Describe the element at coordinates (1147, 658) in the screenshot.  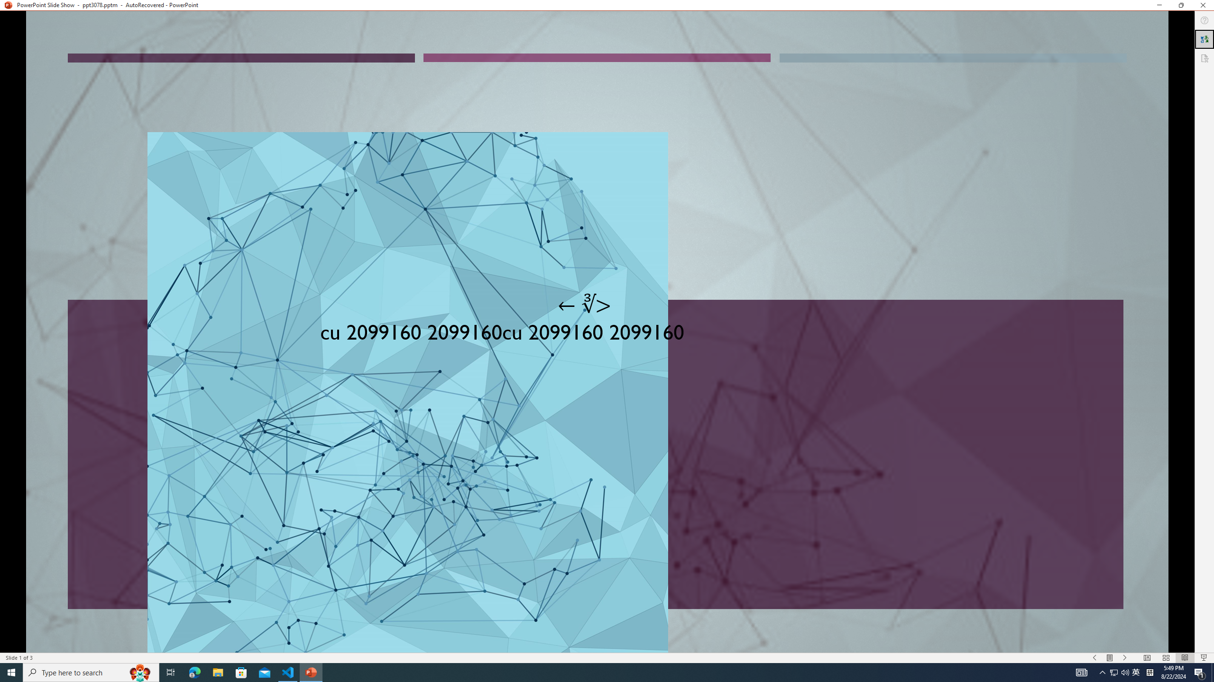
I see `'Normal'` at that location.